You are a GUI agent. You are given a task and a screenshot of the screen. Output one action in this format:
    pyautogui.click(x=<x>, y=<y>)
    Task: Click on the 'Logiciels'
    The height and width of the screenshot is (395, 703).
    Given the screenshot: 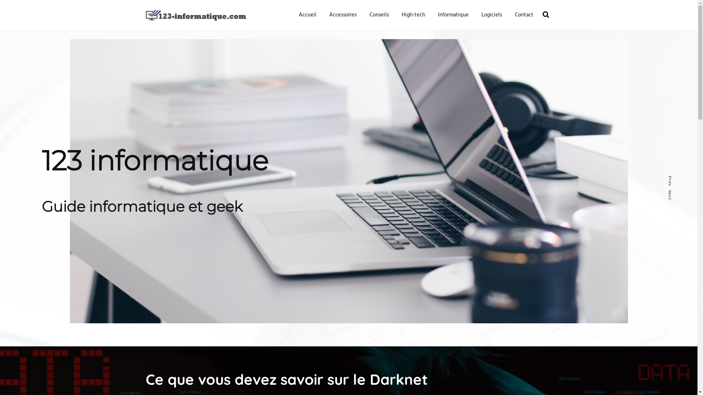 What is the action you would take?
    pyautogui.click(x=491, y=15)
    